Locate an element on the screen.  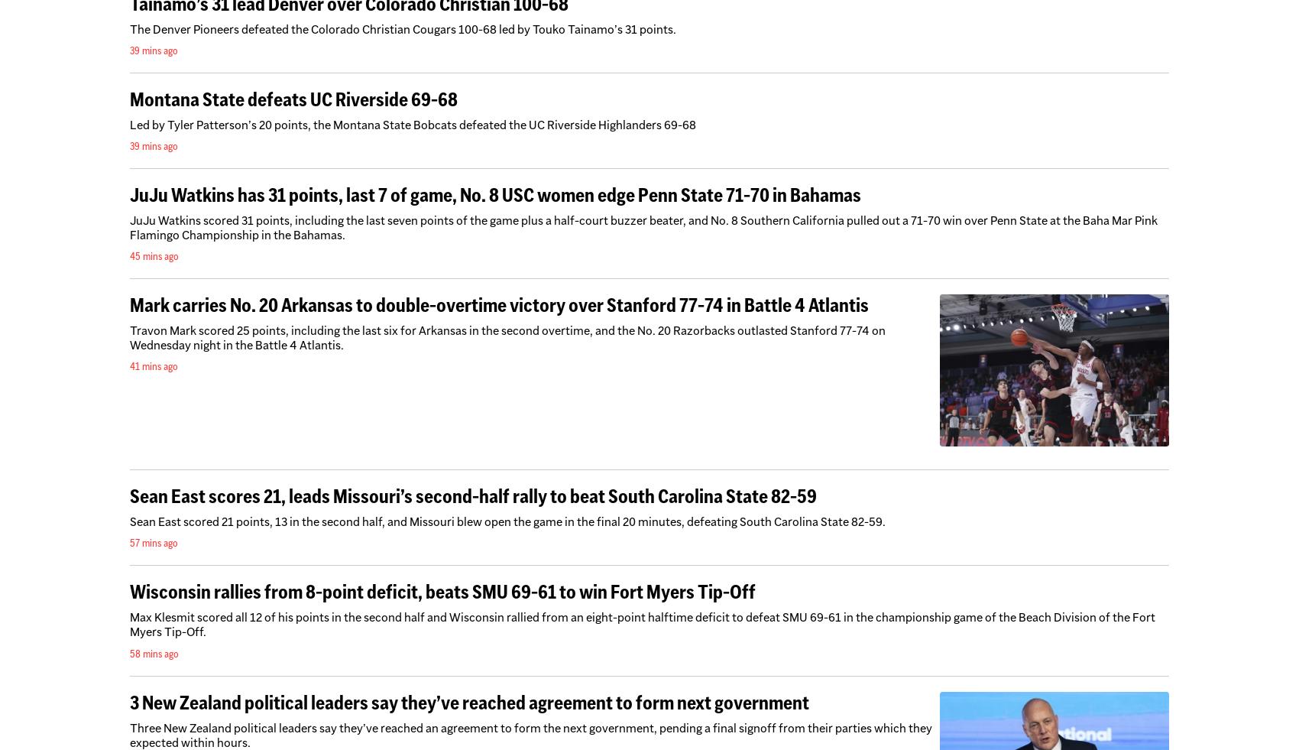
'Sean East scored 21 points, 13 in the second half, and Missouri blew open the game in the final 20 minutes, defeating South Carolina State 82-59.' is located at coordinates (129, 521).